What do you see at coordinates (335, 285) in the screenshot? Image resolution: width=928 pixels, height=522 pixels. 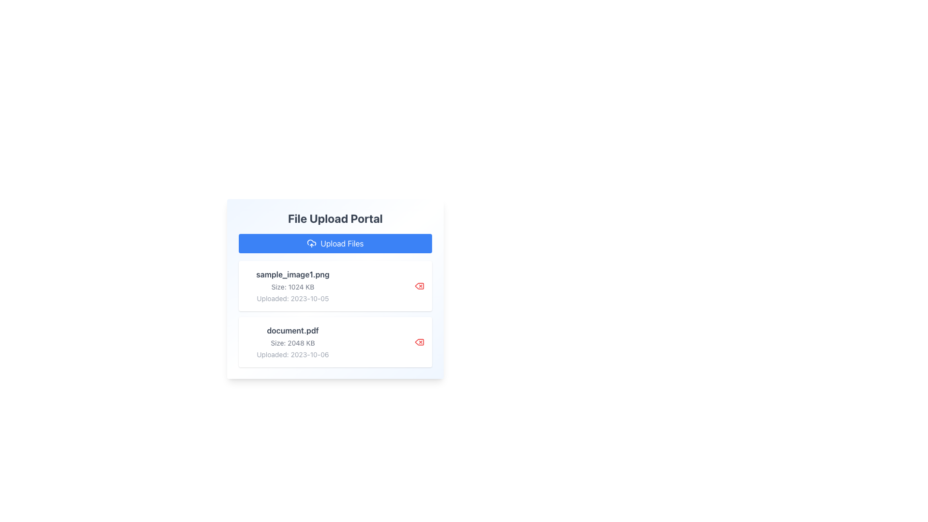 I see `the first File List Item in the file upload interface` at bounding box center [335, 285].